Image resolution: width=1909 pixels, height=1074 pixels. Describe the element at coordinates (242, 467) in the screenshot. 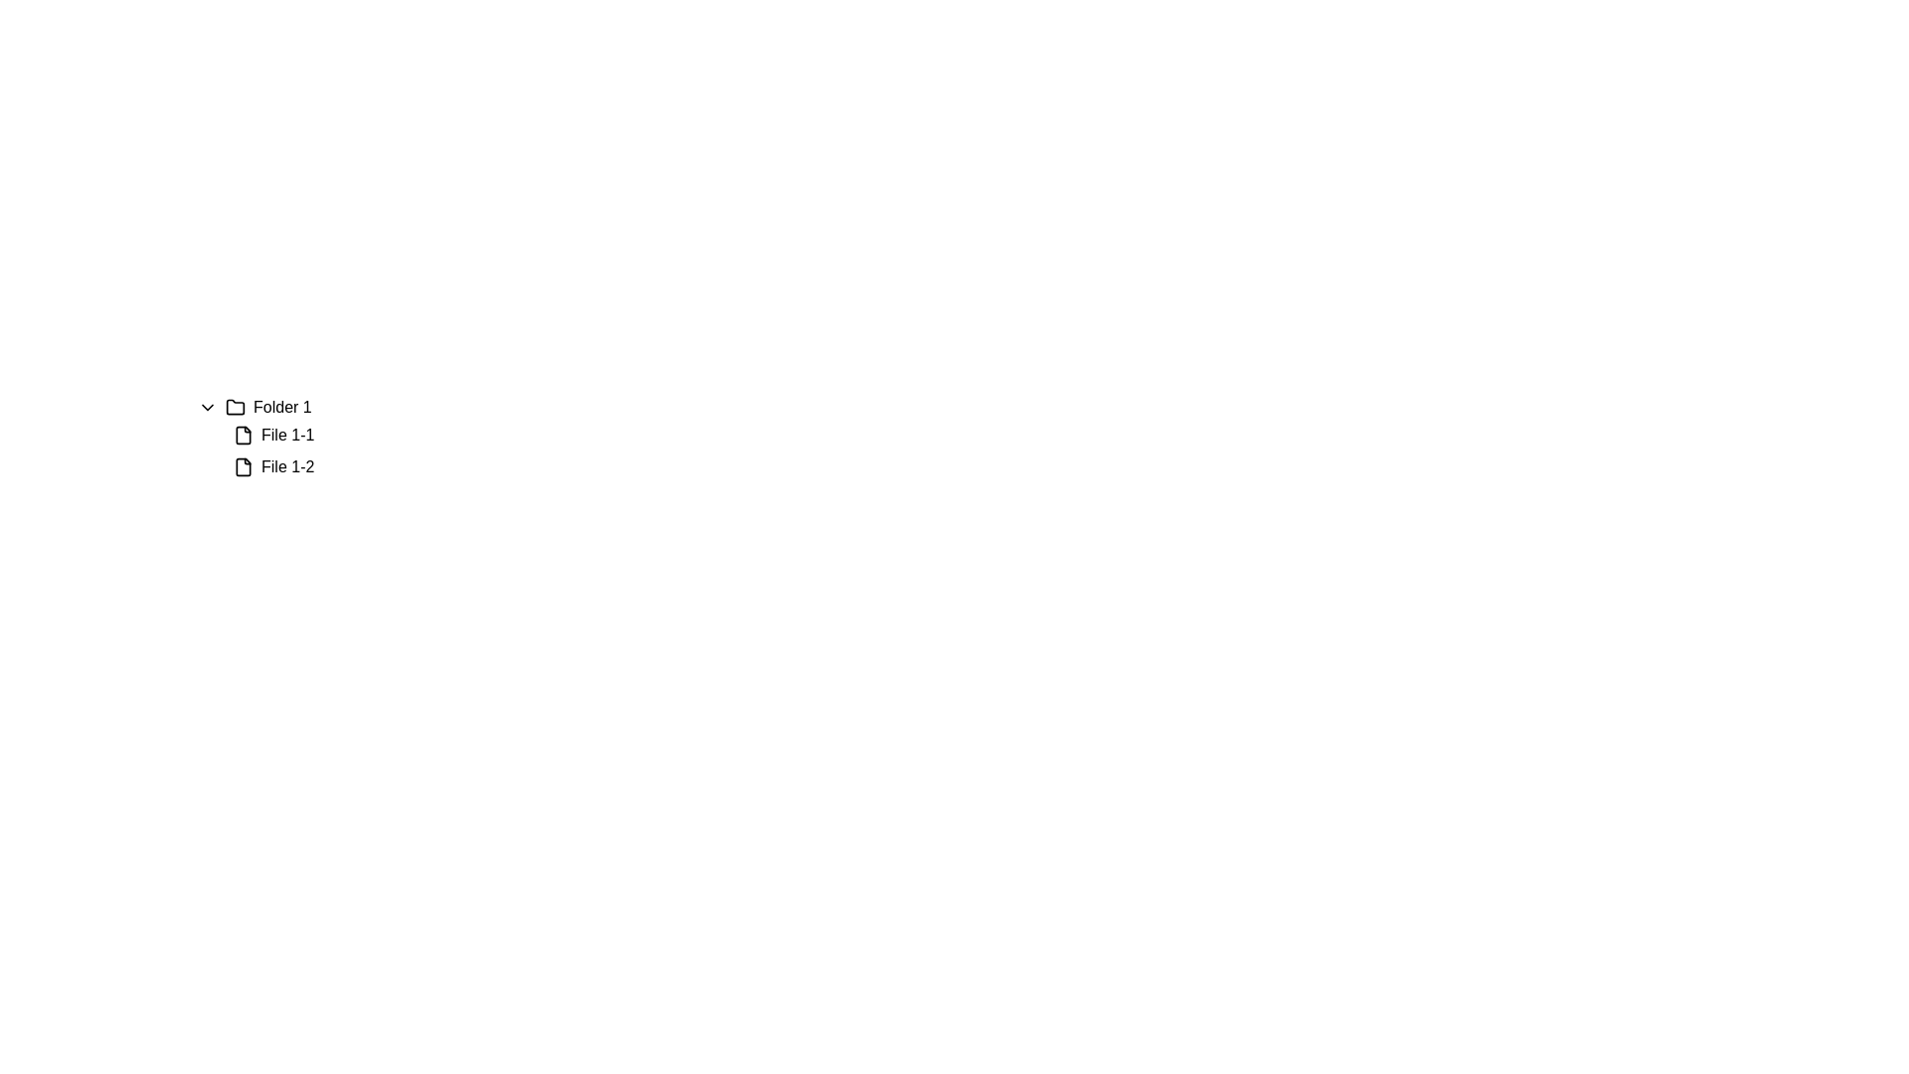

I see `the file icon representing 'File 1-2'` at that location.